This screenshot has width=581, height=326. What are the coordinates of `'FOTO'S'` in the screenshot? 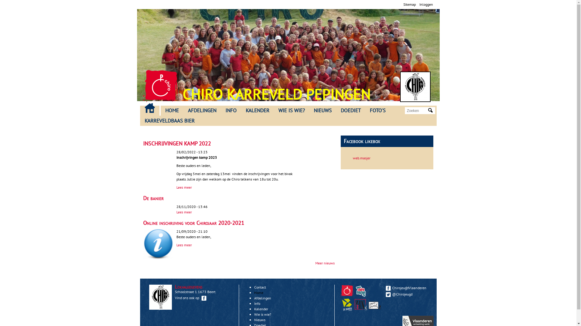 It's located at (377, 110).